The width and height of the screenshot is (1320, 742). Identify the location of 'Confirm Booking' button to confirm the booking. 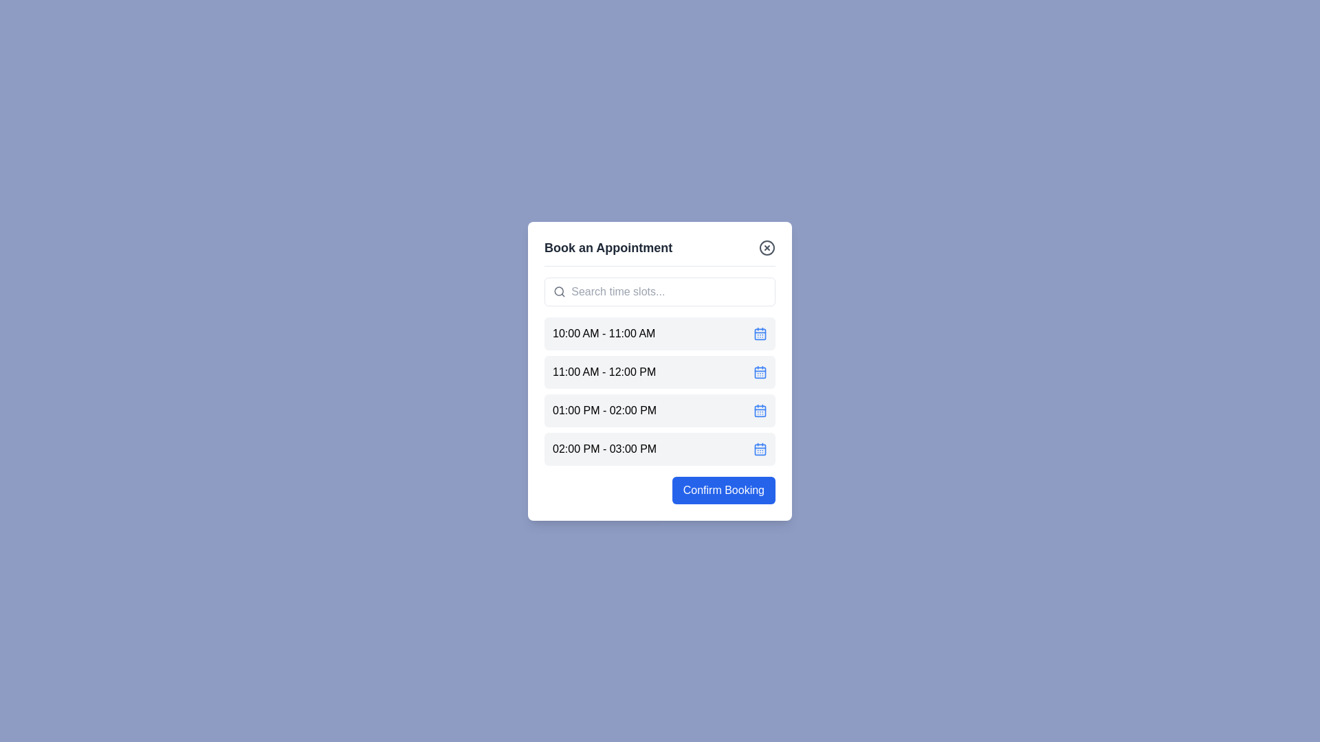
(723, 489).